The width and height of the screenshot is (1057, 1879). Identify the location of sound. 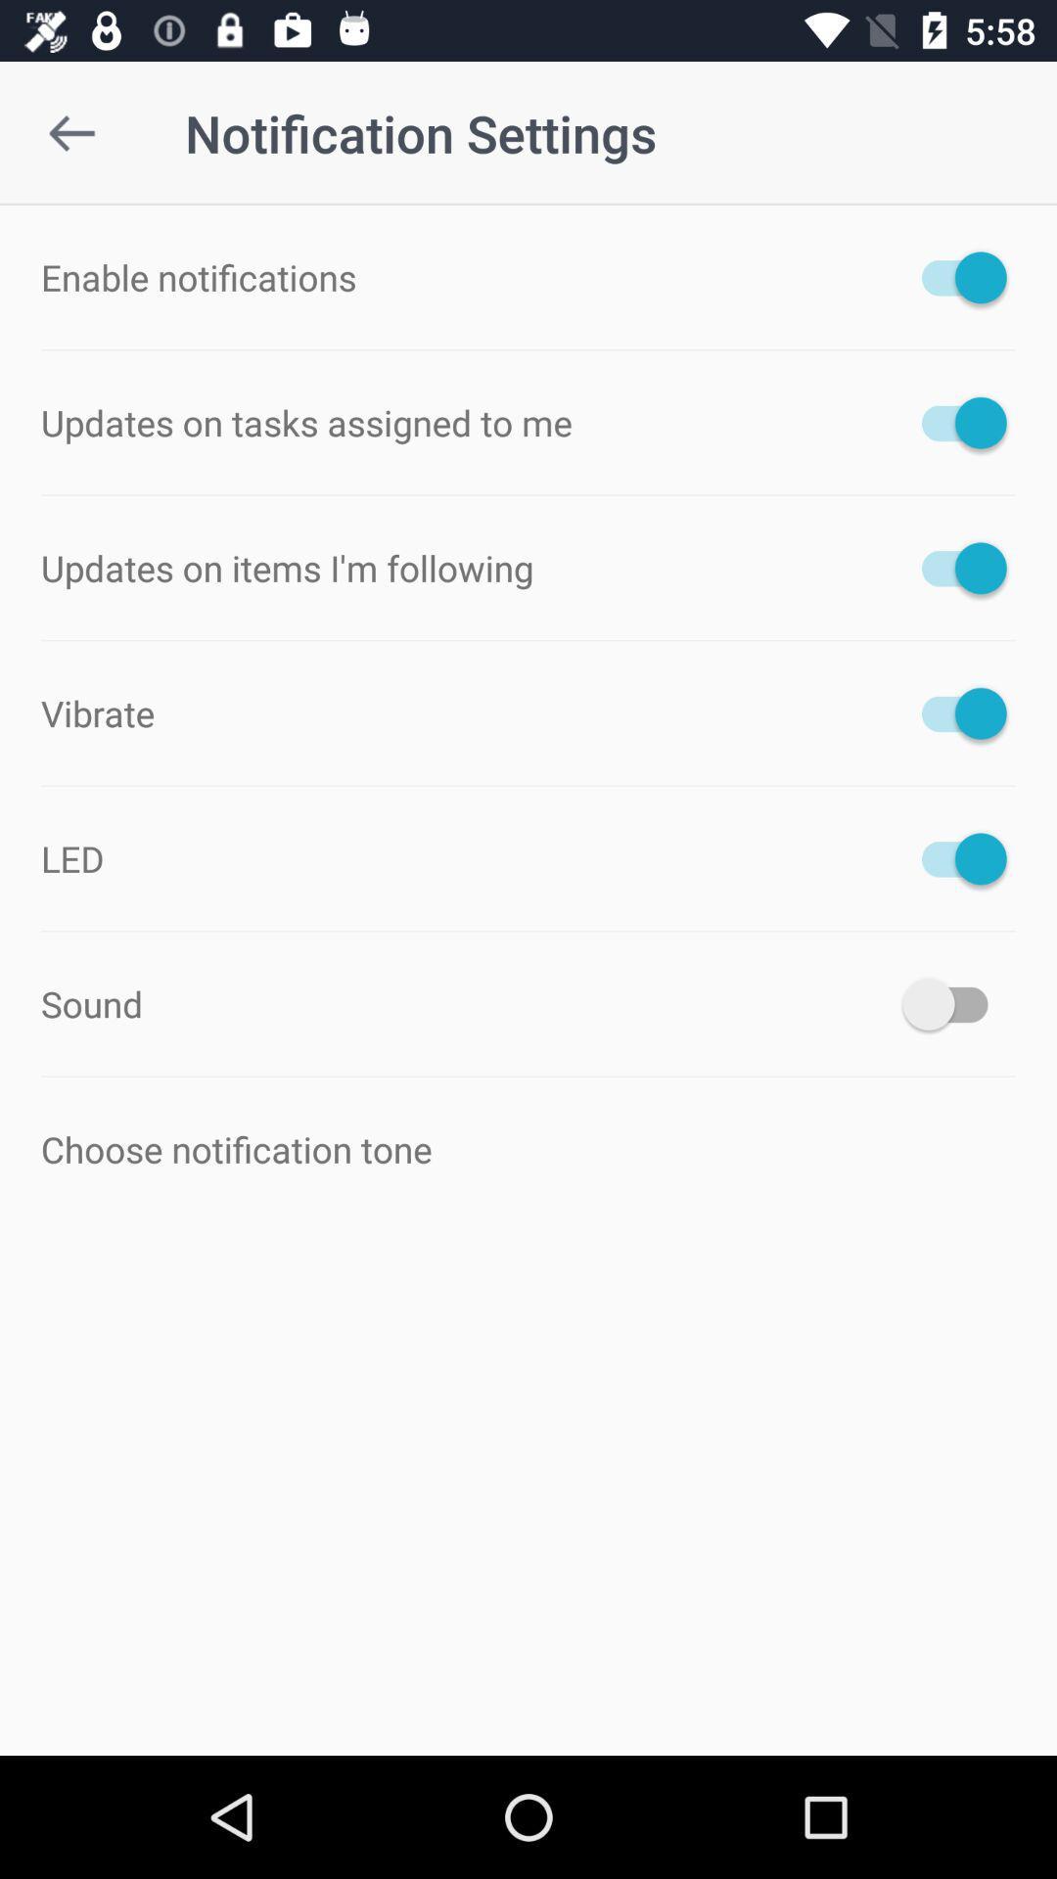
(953, 1004).